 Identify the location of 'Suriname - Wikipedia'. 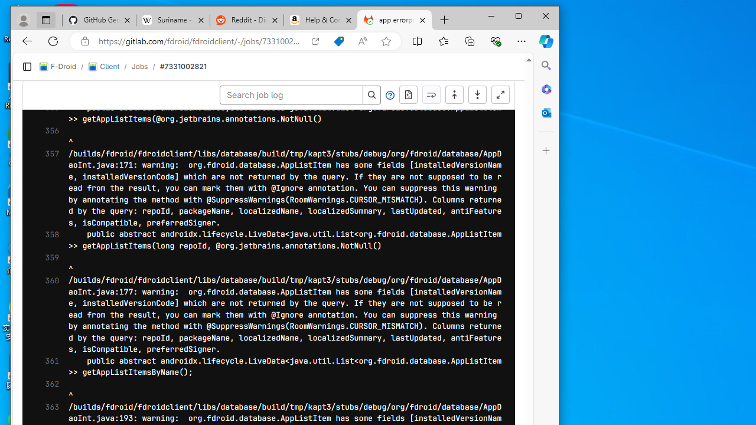
(172, 20).